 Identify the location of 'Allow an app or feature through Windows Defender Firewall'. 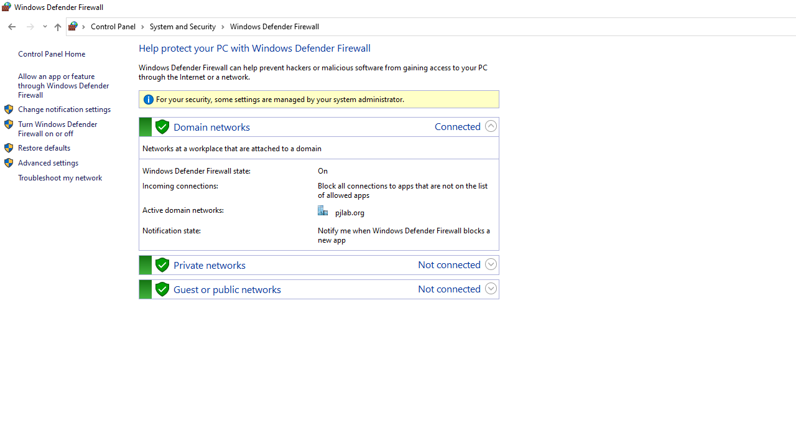
(63, 85).